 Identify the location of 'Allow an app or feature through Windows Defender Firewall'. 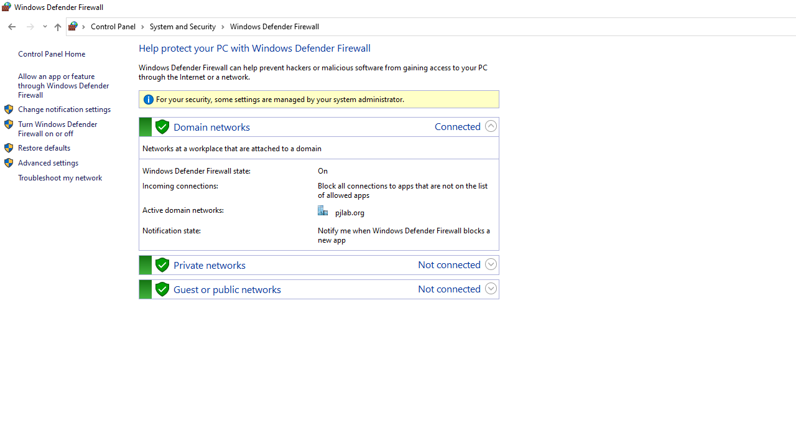
(63, 85).